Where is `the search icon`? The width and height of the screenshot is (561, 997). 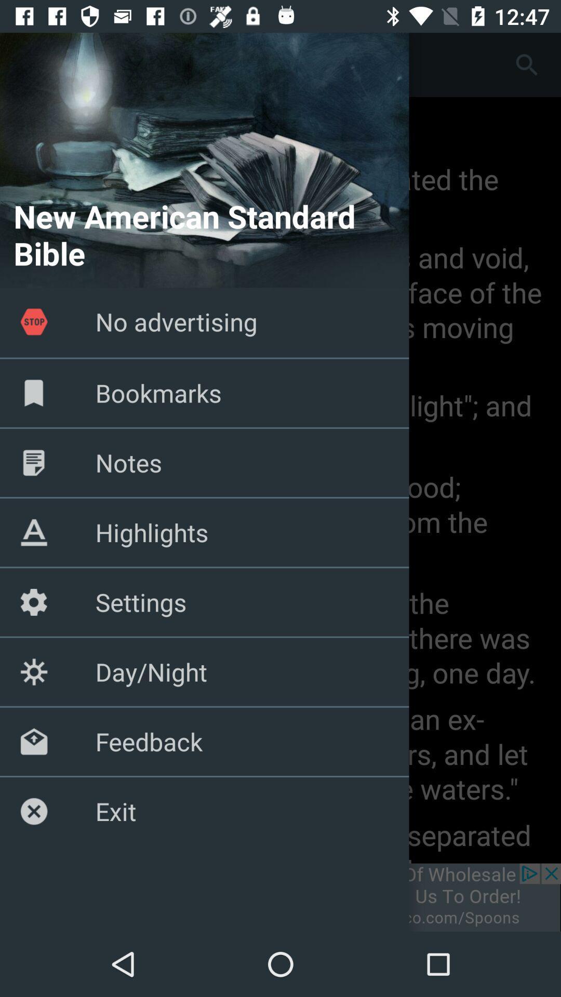 the search icon is located at coordinates (527, 64).